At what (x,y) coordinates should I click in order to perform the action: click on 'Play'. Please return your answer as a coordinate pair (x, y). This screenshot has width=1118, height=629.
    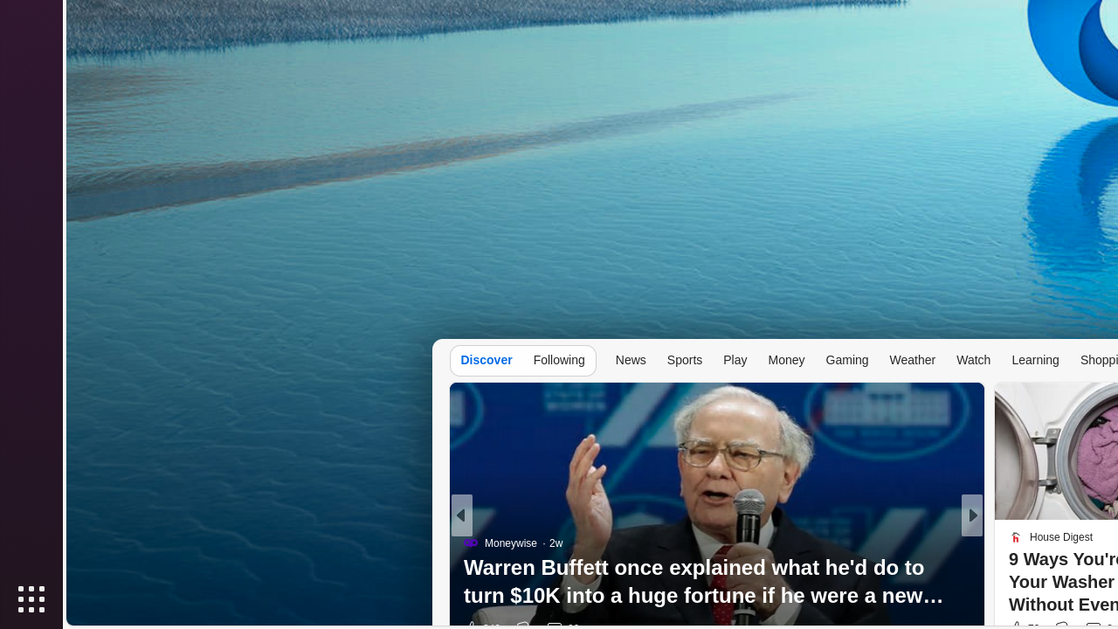
    Looking at the image, I should click on (735, 358).